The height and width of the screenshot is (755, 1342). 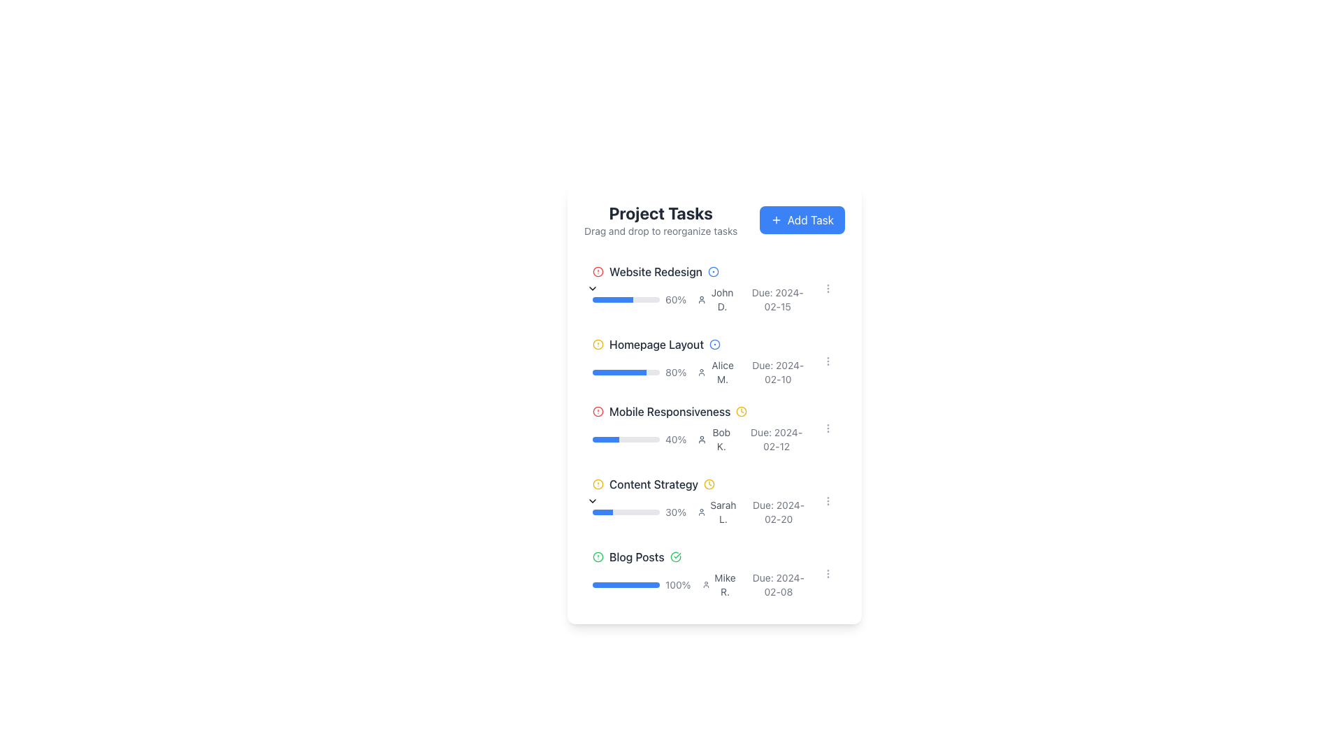 I want to click on the 'Blog Posts' task list item in the project management interface, which displays the task's completion percentage, responsible person, and due date, so click(x=700, y=574).